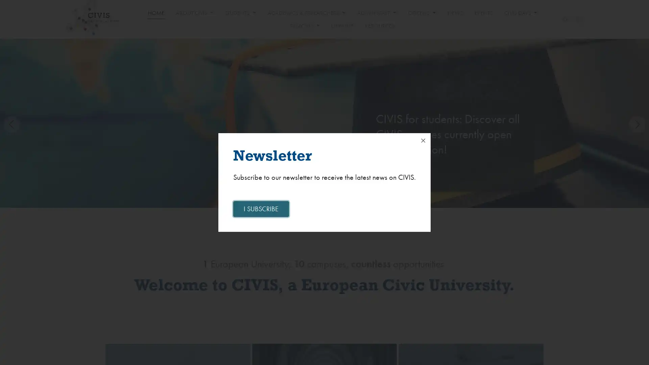  I want to click on Previous slide, so click(11, 124).